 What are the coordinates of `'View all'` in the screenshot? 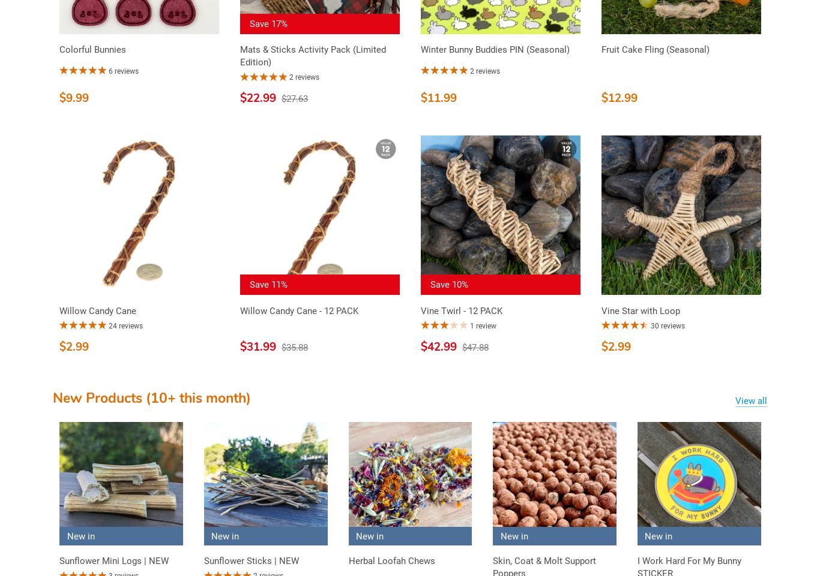 It's located at (734, 399).